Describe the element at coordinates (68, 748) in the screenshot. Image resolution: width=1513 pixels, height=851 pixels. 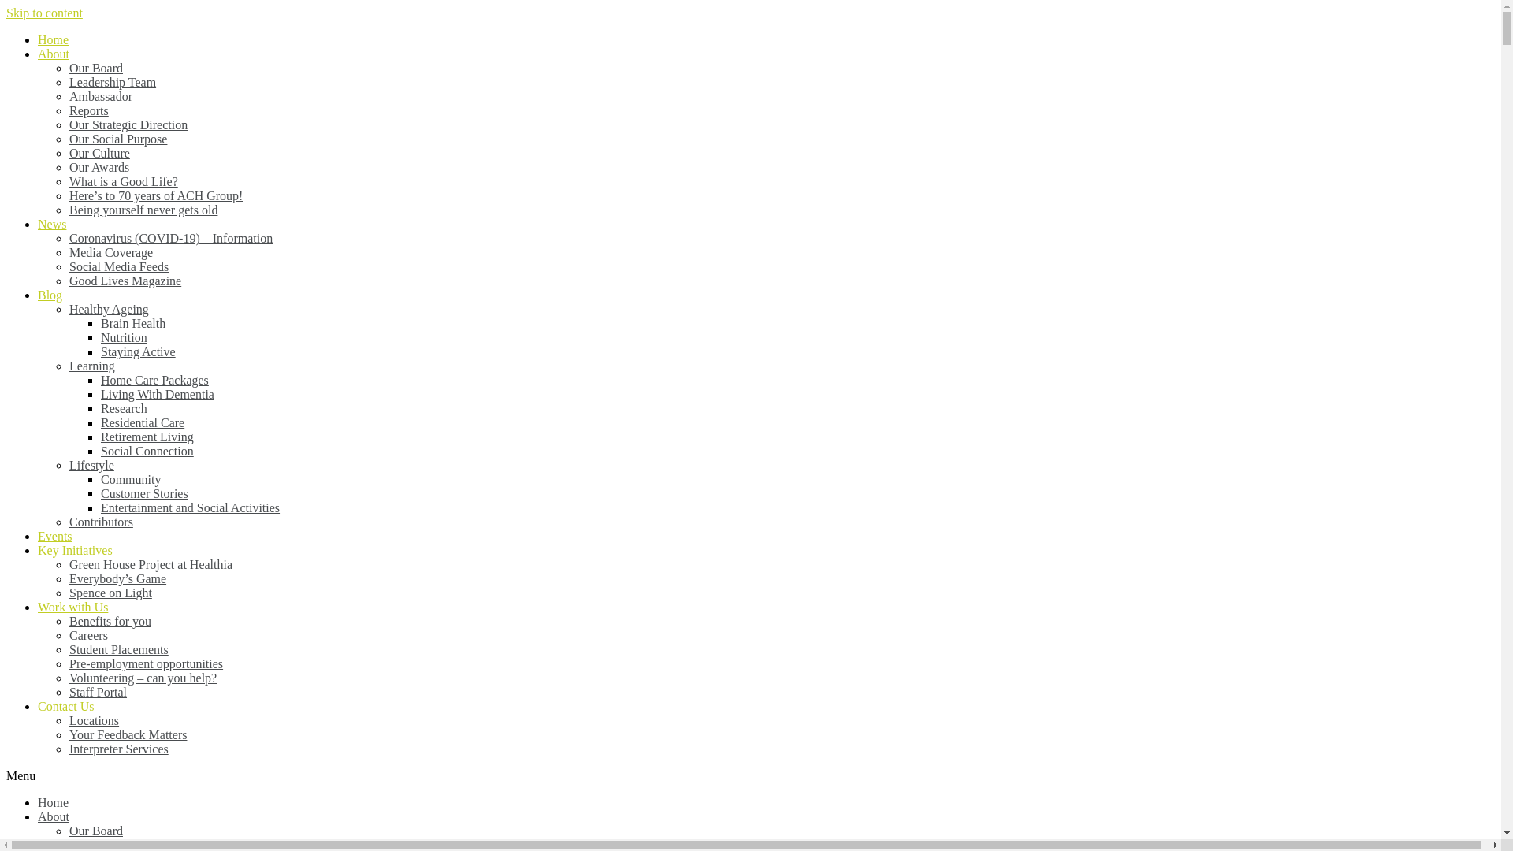
I see `'Interpreter Services'` at that location.